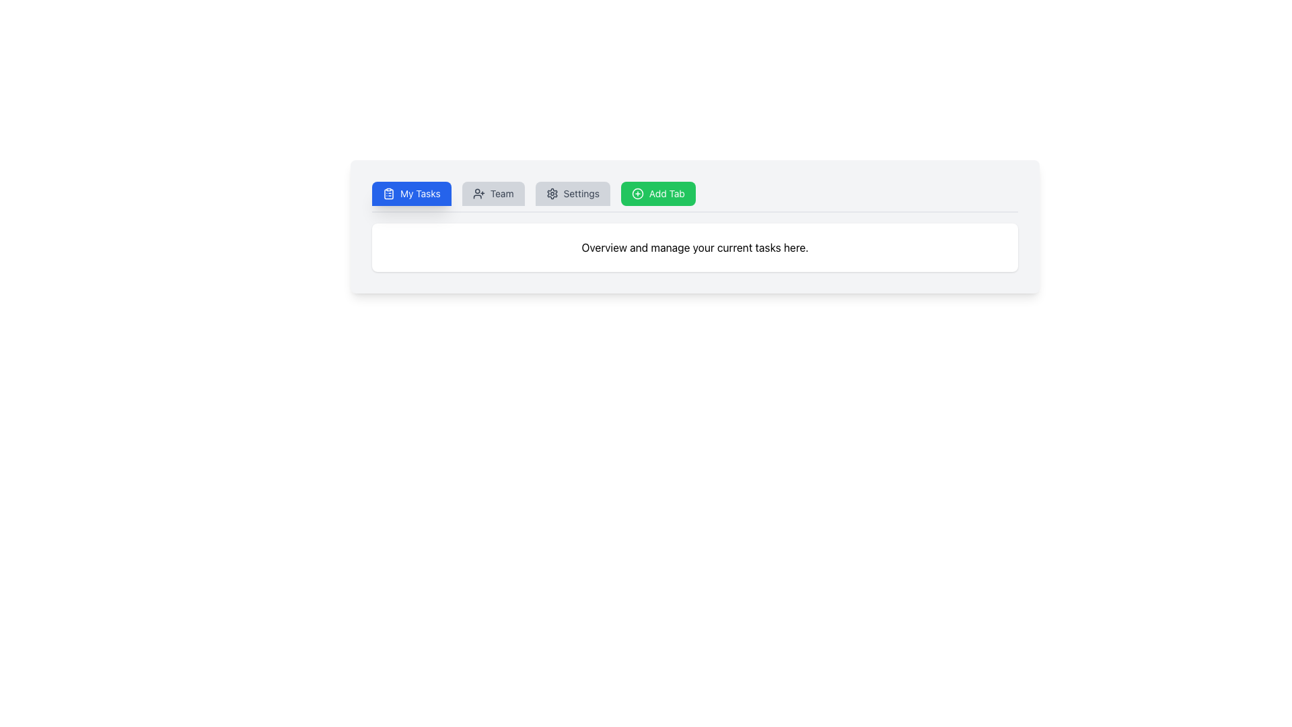 The height and width of the screenshot is (727, 1292). I want to click on the gear-shaped icon within the 'Settings' button located in the top center of the interface, so click(552, 194).